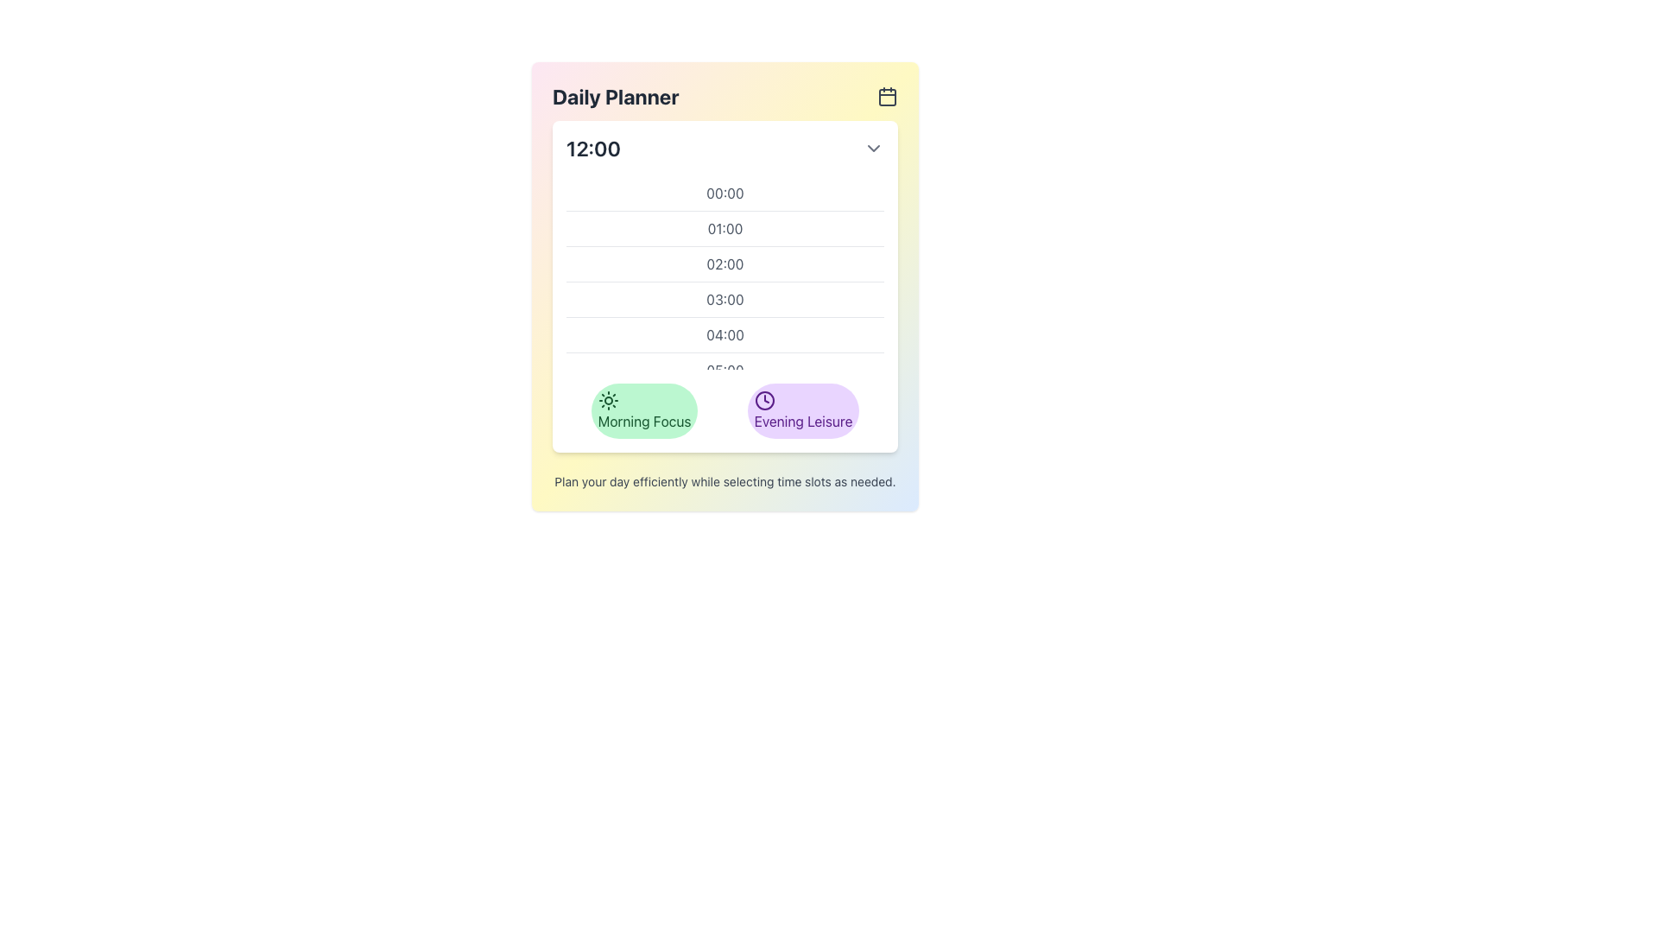 Image resolution: width=1658 pixels, height=933 pixels. What do you see at coordinates (763, 400) in the screenshot?
I see `the Icon representing time or schedules within the 'Evening Leisure' button located in the lower-right corner of the central panel` at bounding box center [763, 400].